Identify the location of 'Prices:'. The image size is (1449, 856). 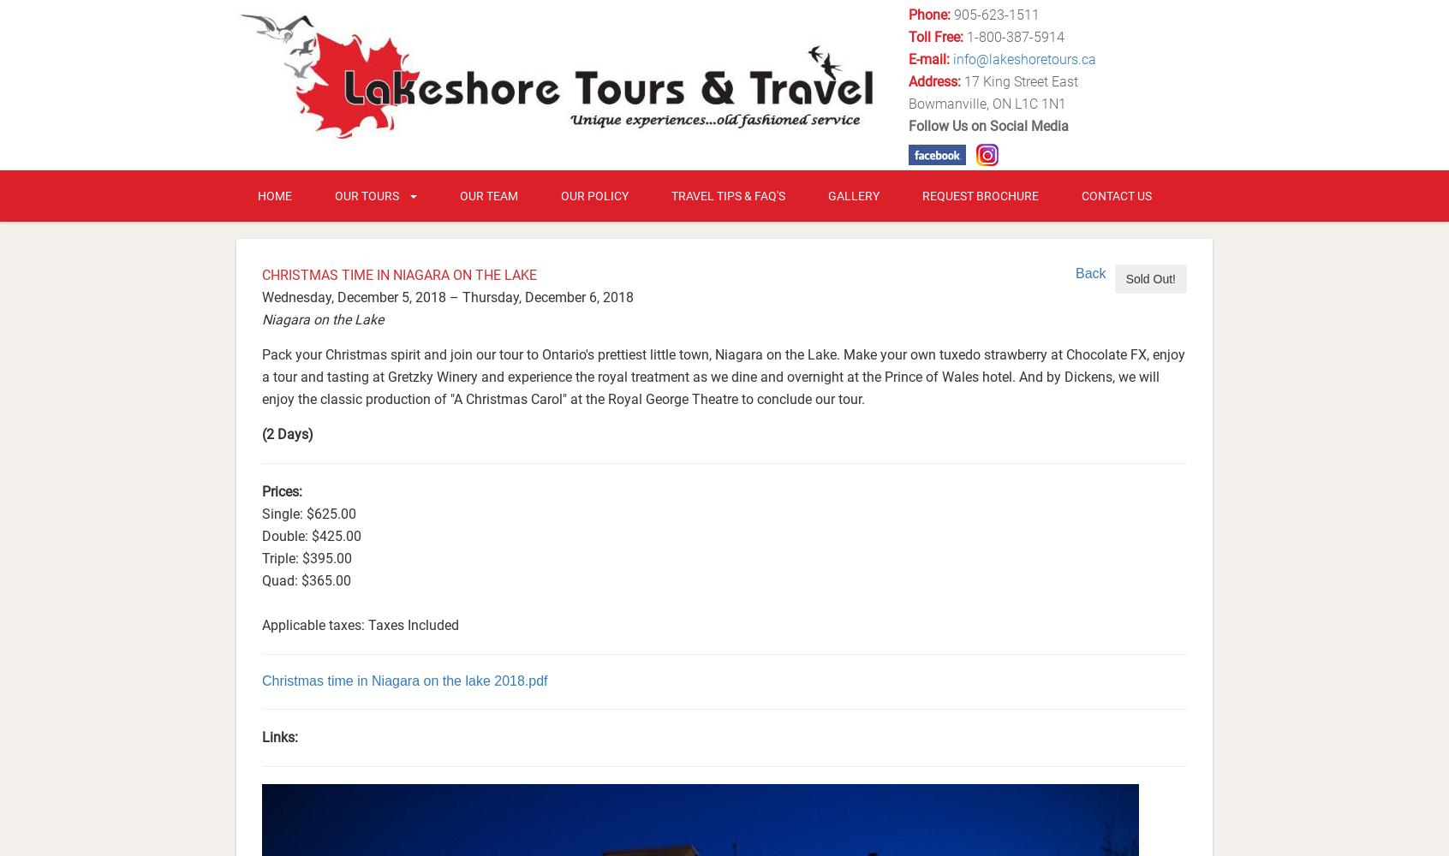
(281, 490).